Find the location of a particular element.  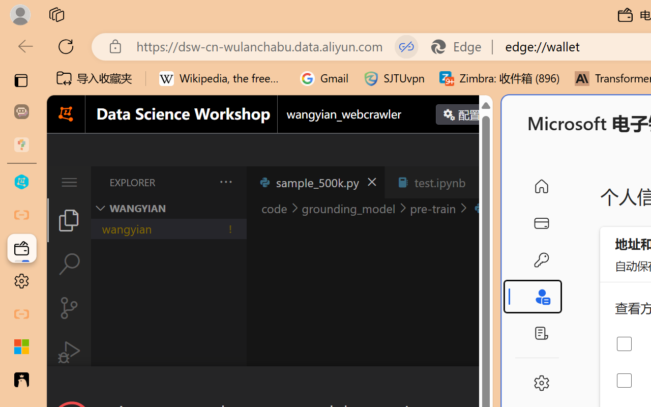

'SJTUvpn' is located at coordinates (393, 78).